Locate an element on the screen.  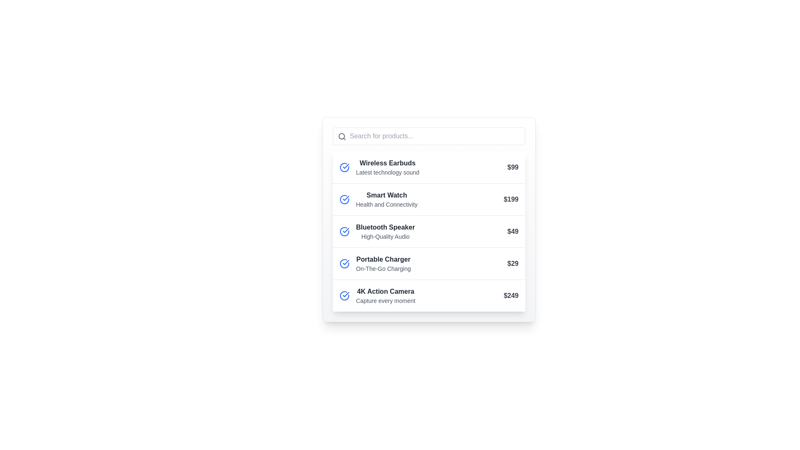
text label that displays '4K Action Camera' and 'Capture every moment', which is the fifth entry in a vertical list of items is located at coordinates (385, 295).